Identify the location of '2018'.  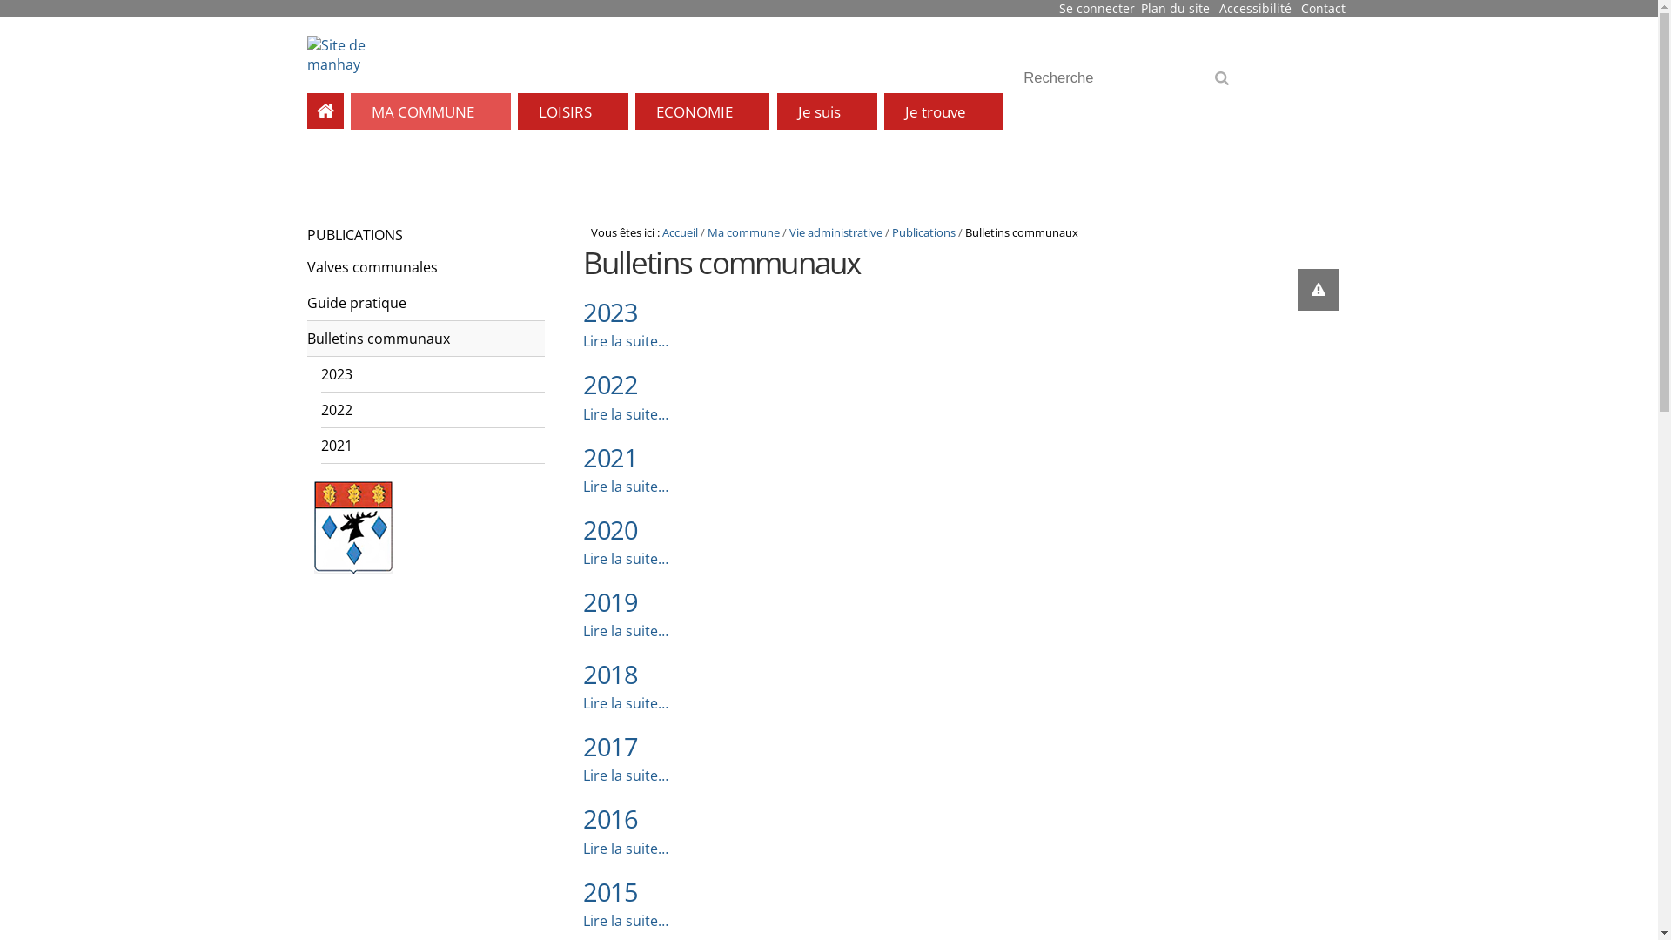
(609, 673).